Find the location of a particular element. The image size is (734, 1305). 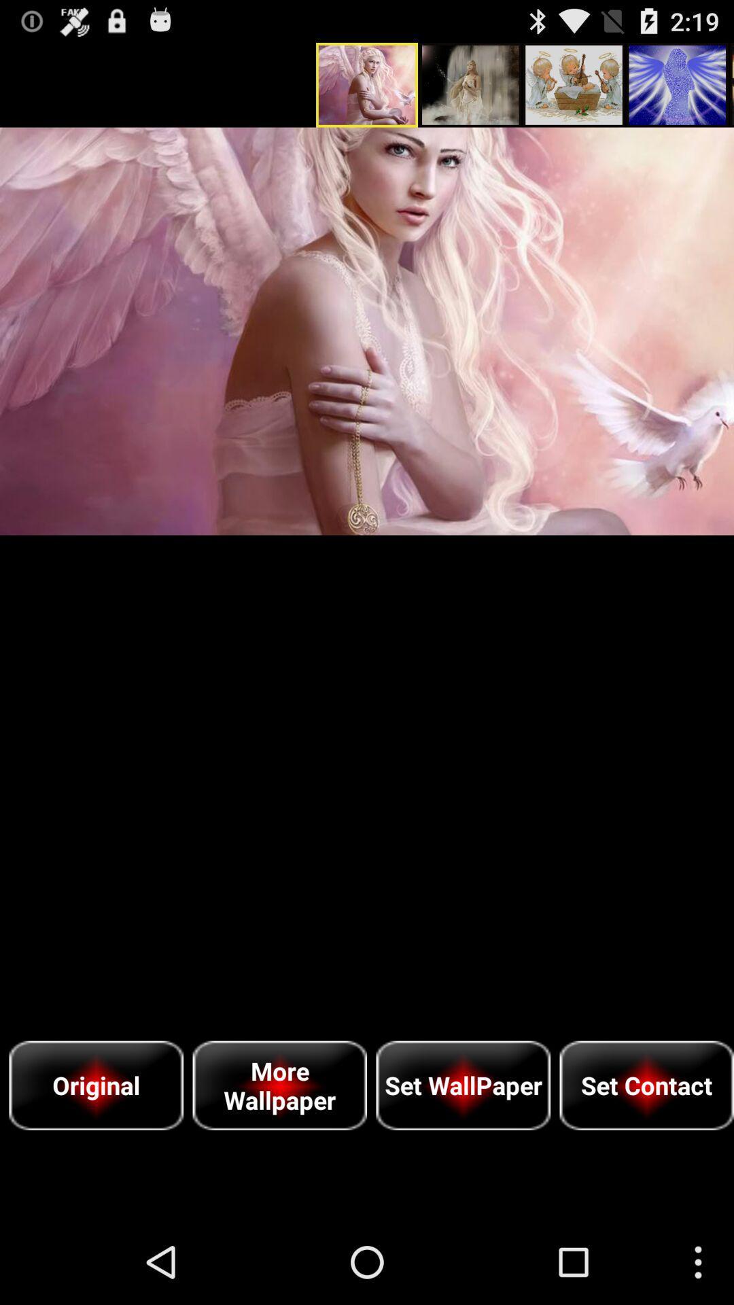

the set wallpaper icon is located at coordinates (462, 1085).